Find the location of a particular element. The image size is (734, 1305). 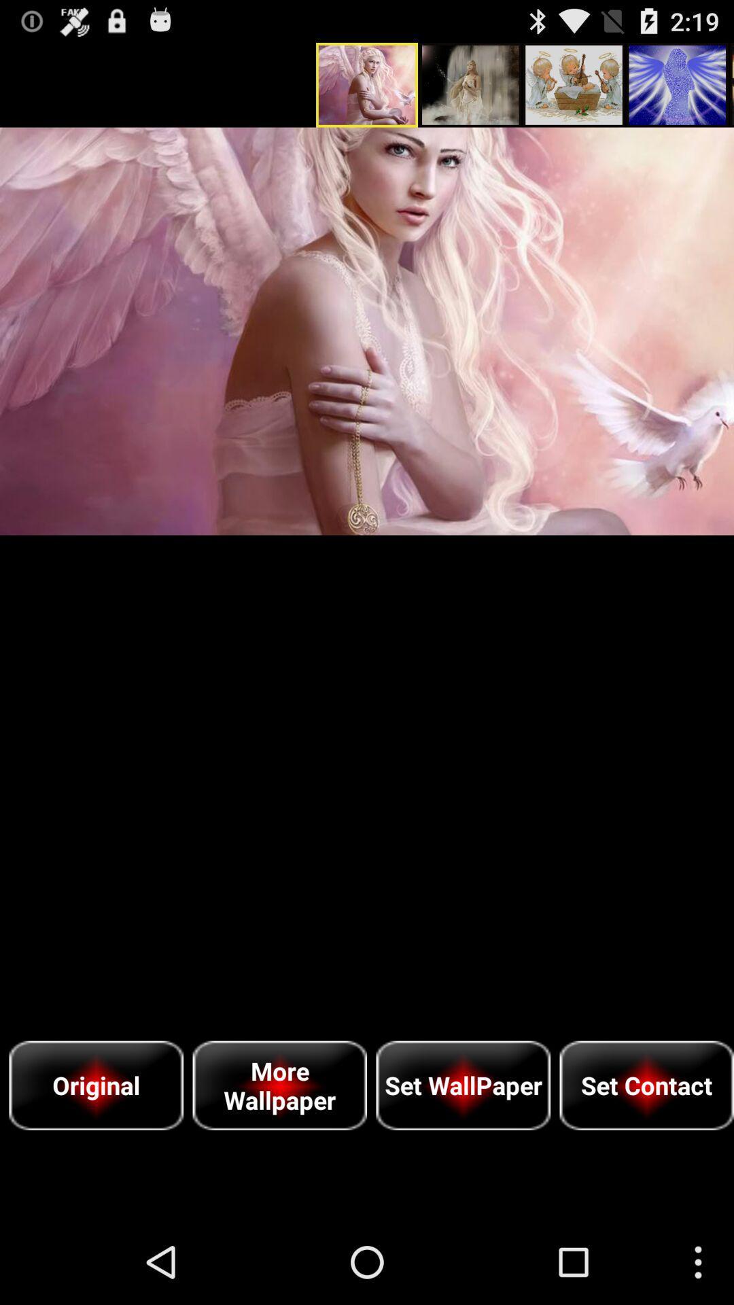

the set wallpaper icon is located at coordinates (462, 1085).